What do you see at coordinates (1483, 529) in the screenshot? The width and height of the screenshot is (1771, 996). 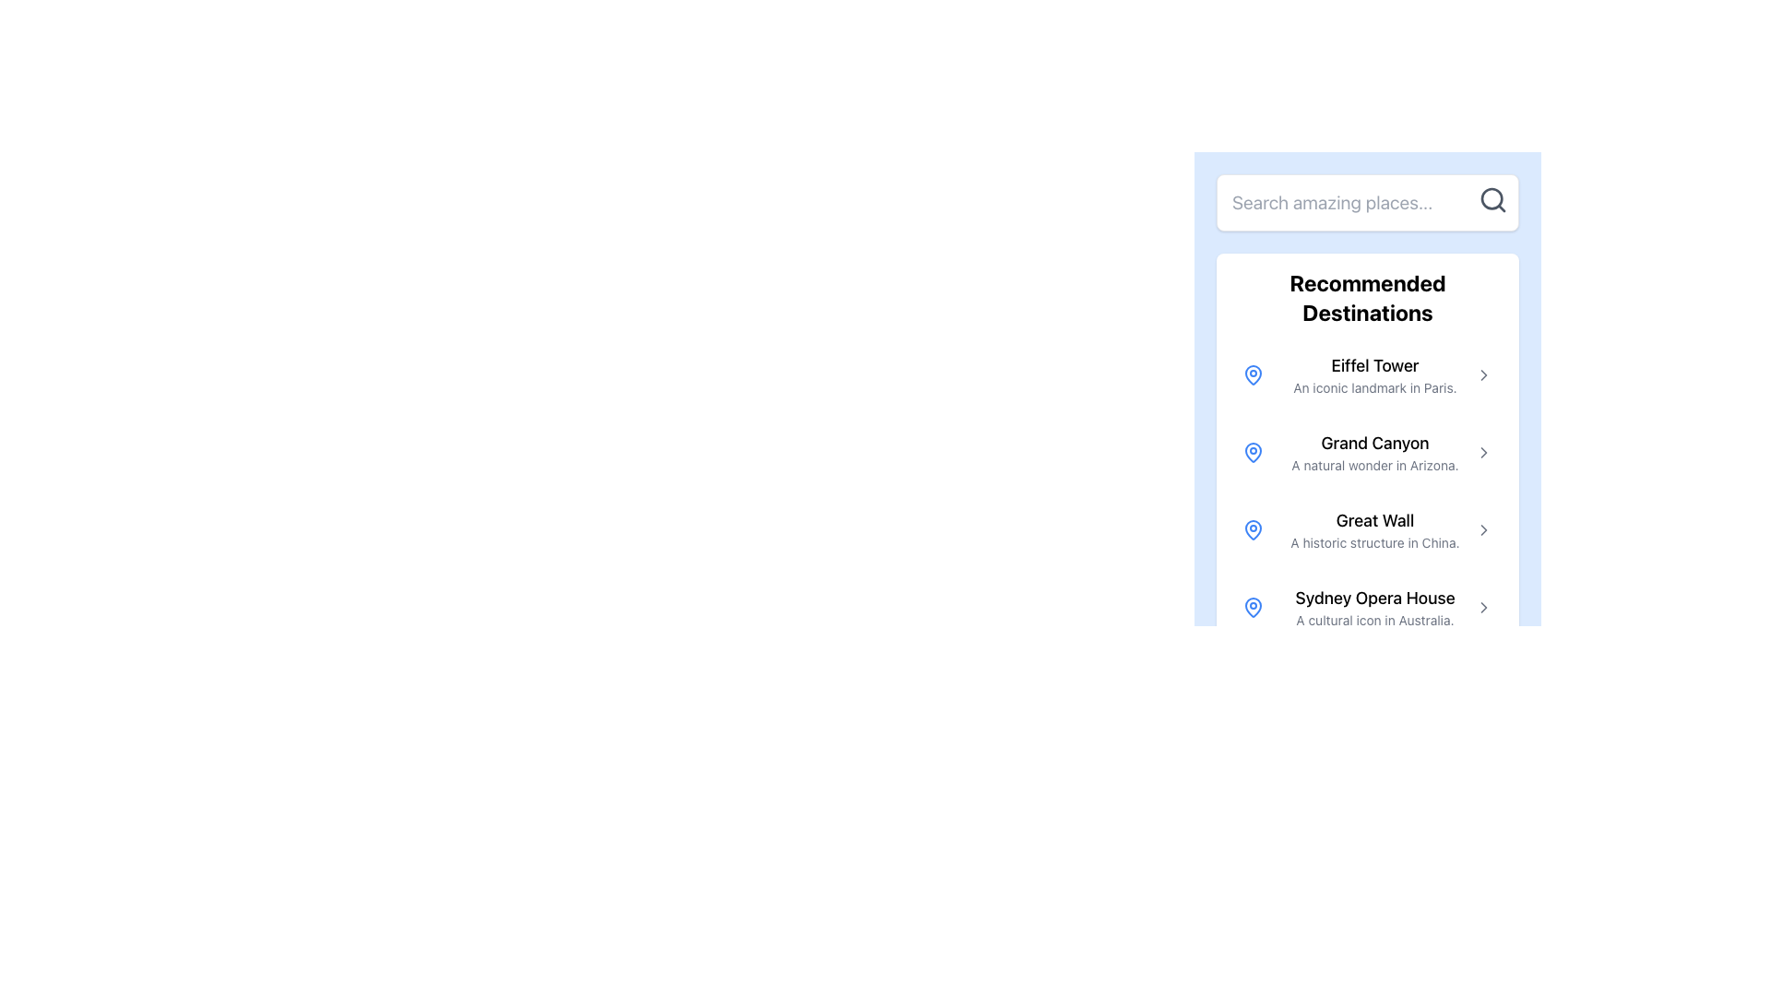 I see `the rightward chevron icon indicating navigation, located directly to the right of the text 'Great Wall' in the 'Recommended Destinations' section` at bounding box center [1483, 529].